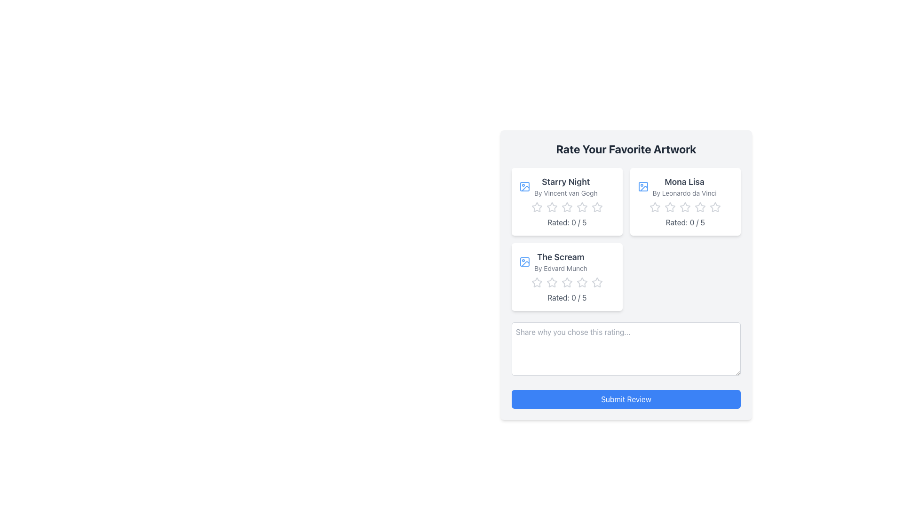 The height and width of the screenshot is (508, 903). Describe the element at coordinates (566, 297) in the screenshot. I see `rating value displayed in the text label 'Rated: 0 / 5' located below the rating stars for 'The Scream' by Edvard Munch` at that location.